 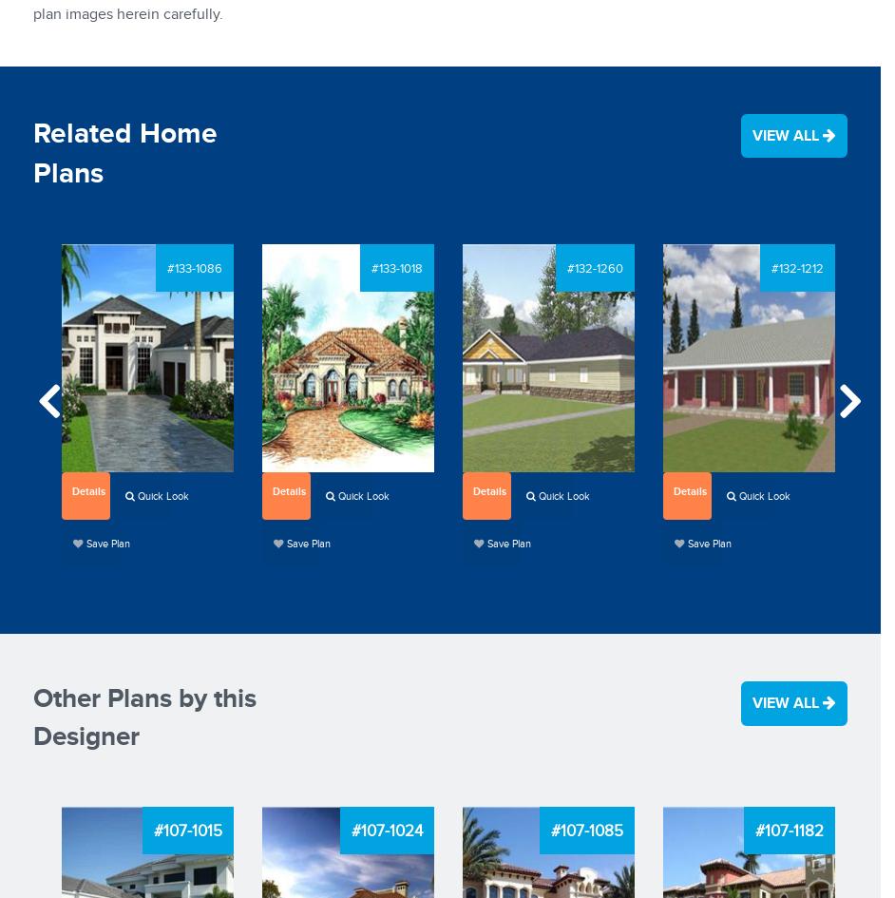 I want to click on '#132-1212', so click(x=796, y=269).